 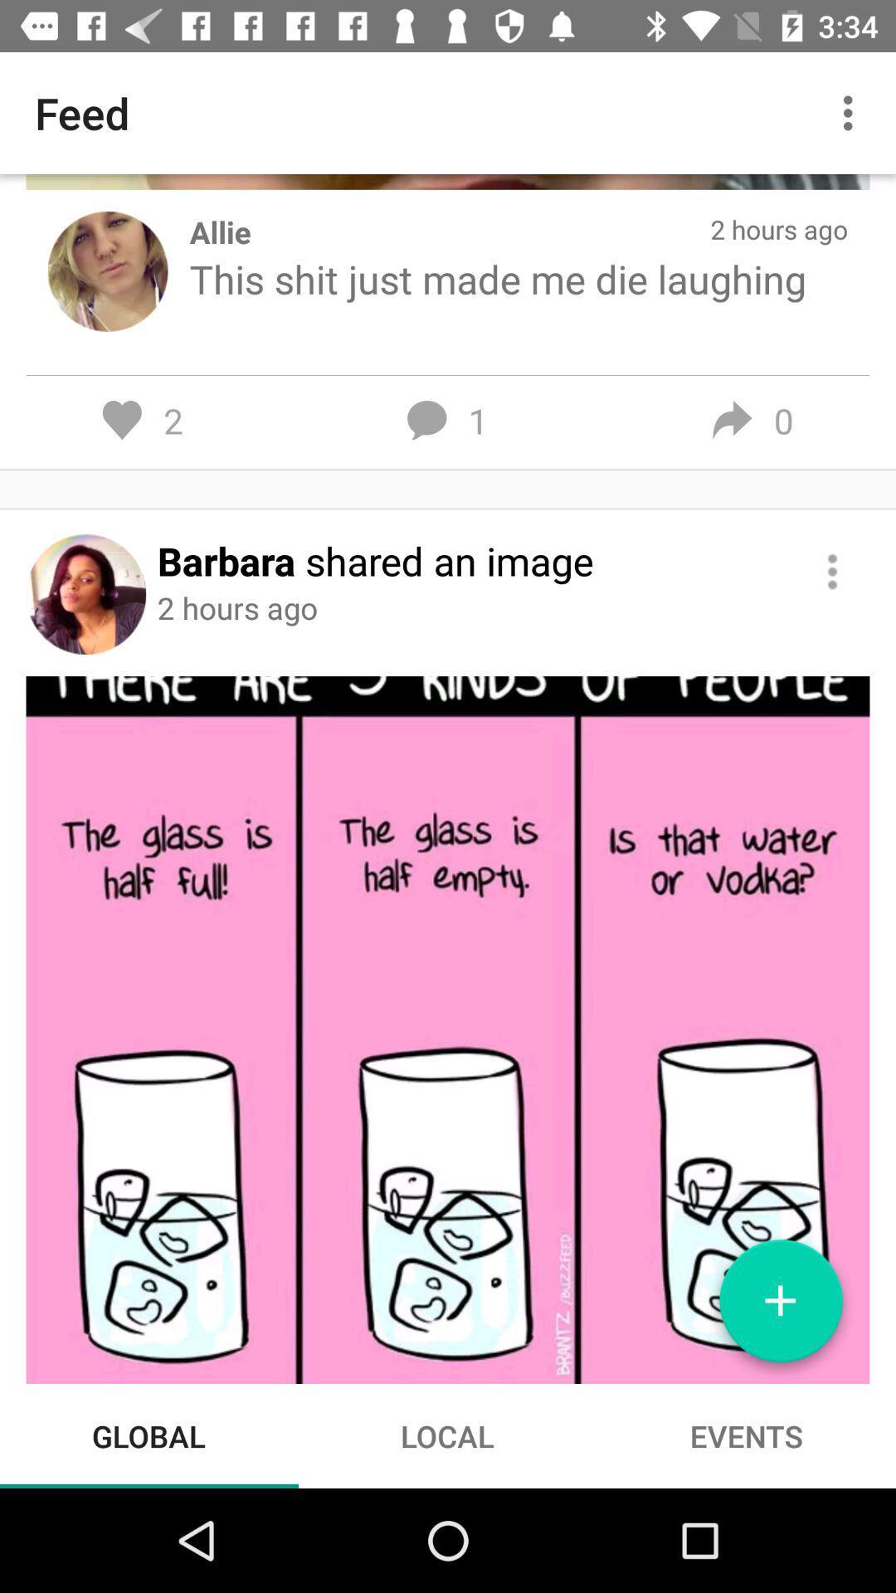 What do you see at coordinates (832, 572) in the screenshot?
I see `the item next to the barbara shared an` at bounding box center [832, 572].